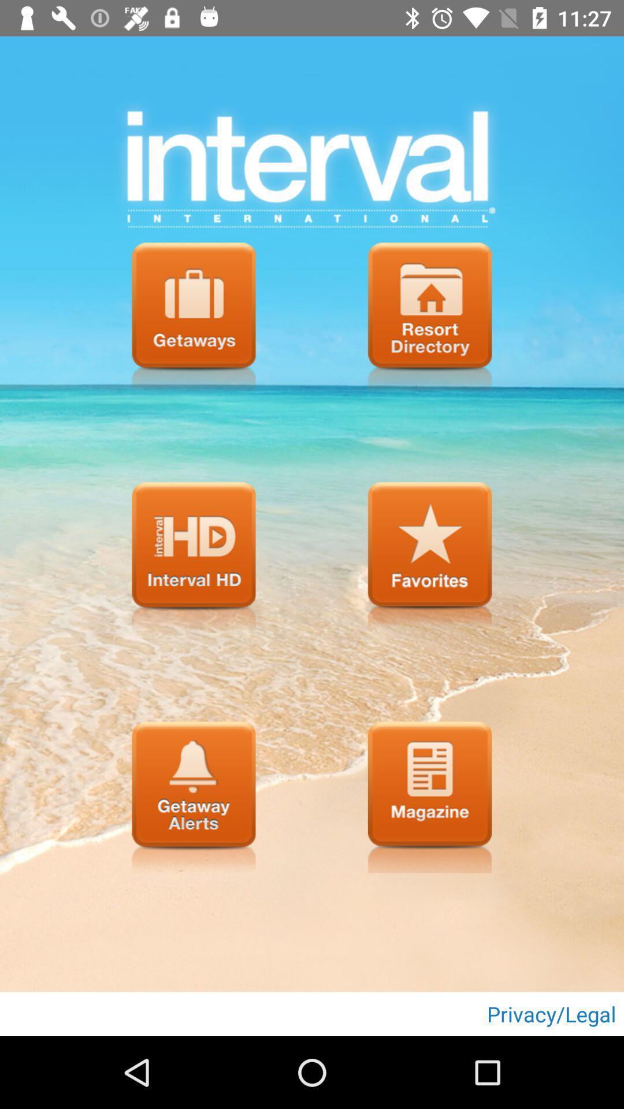 This screenshot has height=1109, width=624. I want to click on getaway alerts, so click(193, 797).